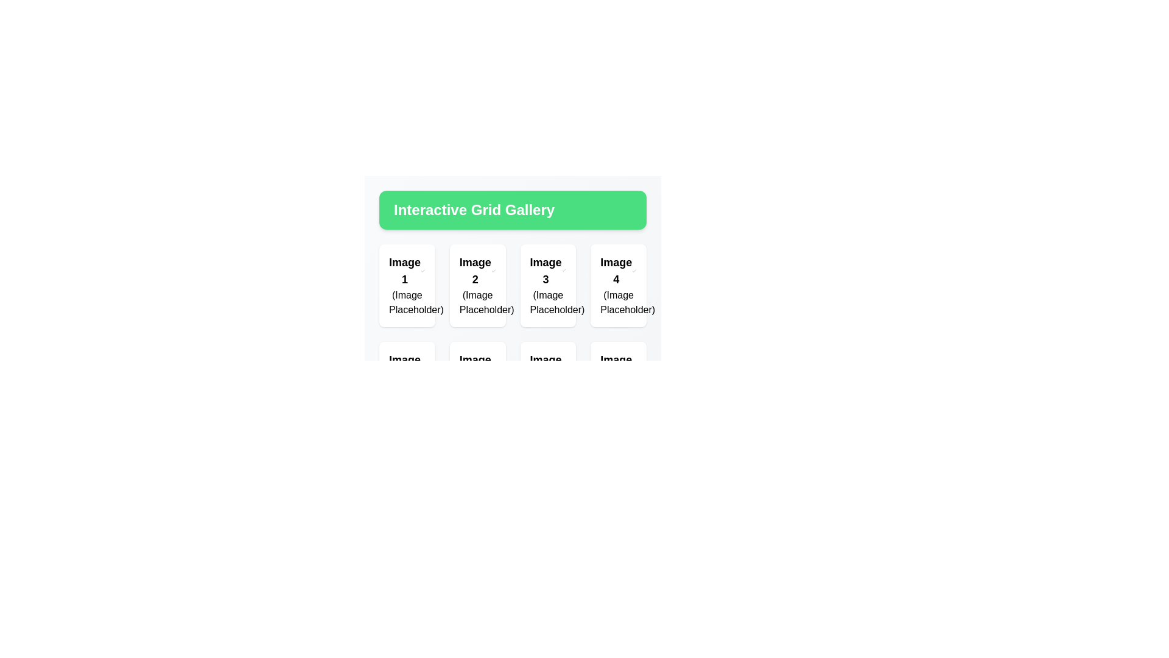 This screenshot has width=1169, height=658. I want to click on the Text Label within the 'Image 3' tile, which indicates a placeholder for future content, so click(547, 302).